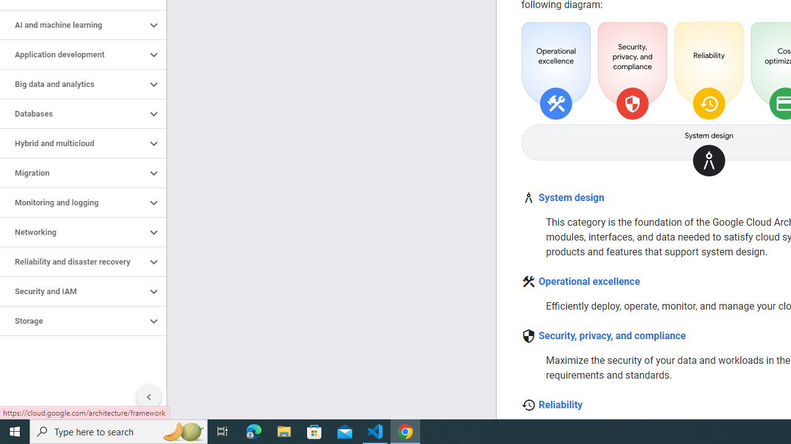 This screenshot has height=444, width=791. What do you see at coordinates (72, 173) in the screenshot?
I see `'Migration'` at bounding box center [72, 173].